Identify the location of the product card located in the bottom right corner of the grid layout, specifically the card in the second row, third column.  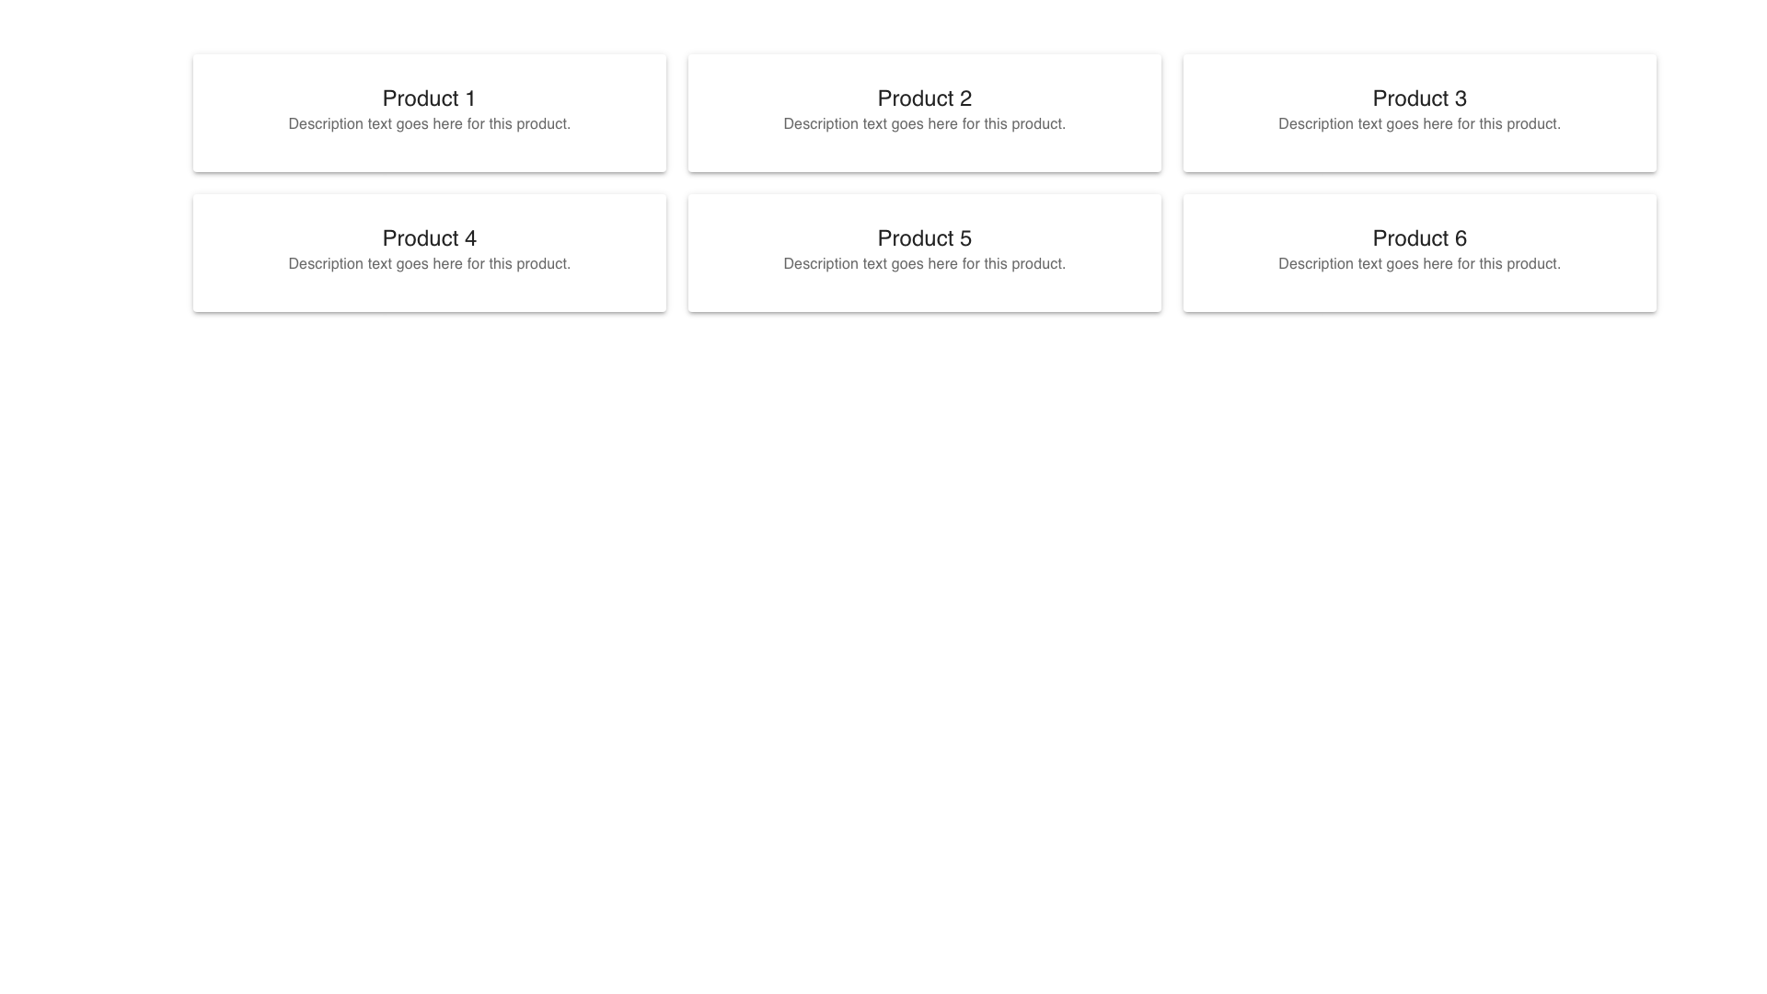
(1418, 252).